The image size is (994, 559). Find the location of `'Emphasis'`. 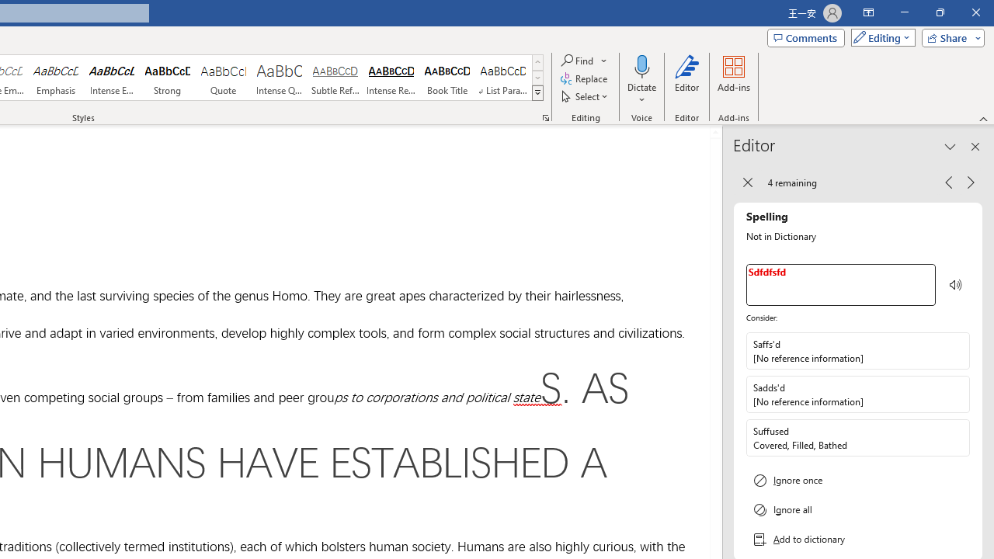

'Emphasis' is located at coordinates (55, 78).